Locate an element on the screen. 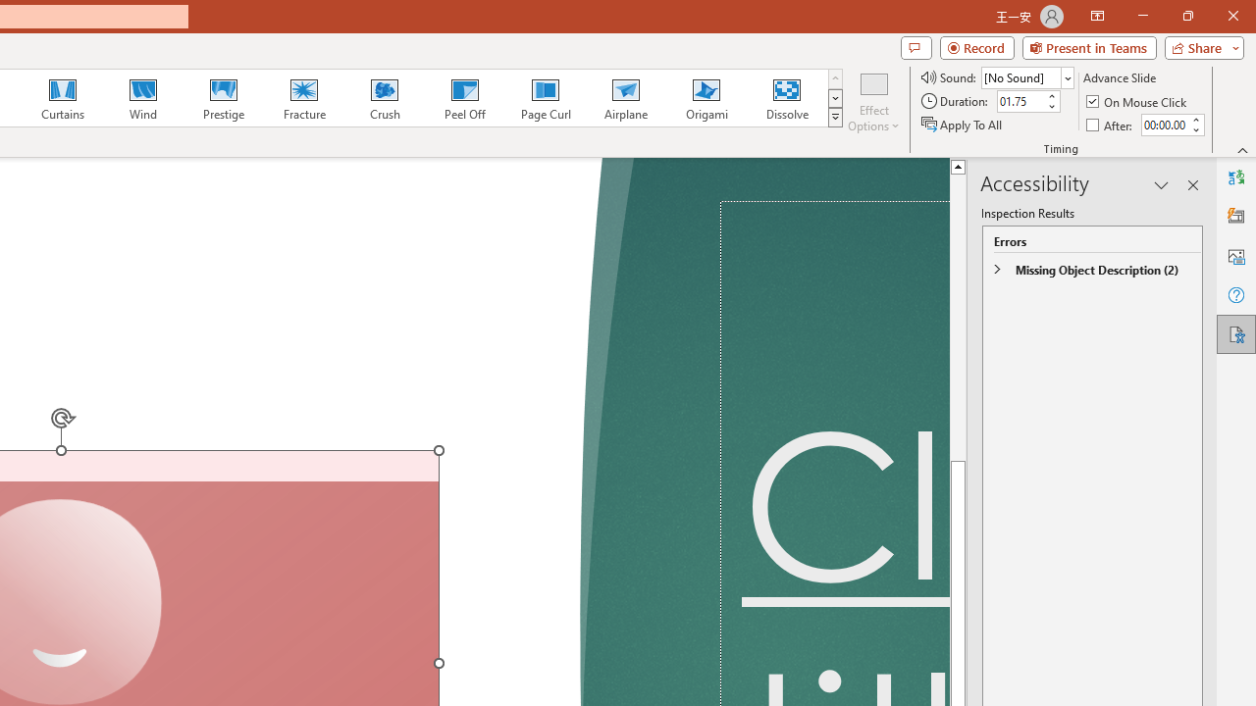 This screenshot has height=706, width=1256. 'After' is located at coordinates (1111, 125).